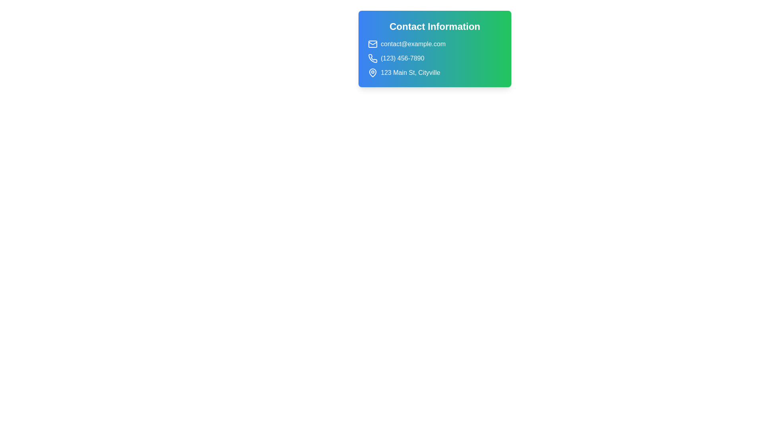  I want to click on the map pin icon that visually indicates the address '123 Main St, Cityville', which is the first icon on the line displaying this address, located to the left of the text, so click(372, 72).